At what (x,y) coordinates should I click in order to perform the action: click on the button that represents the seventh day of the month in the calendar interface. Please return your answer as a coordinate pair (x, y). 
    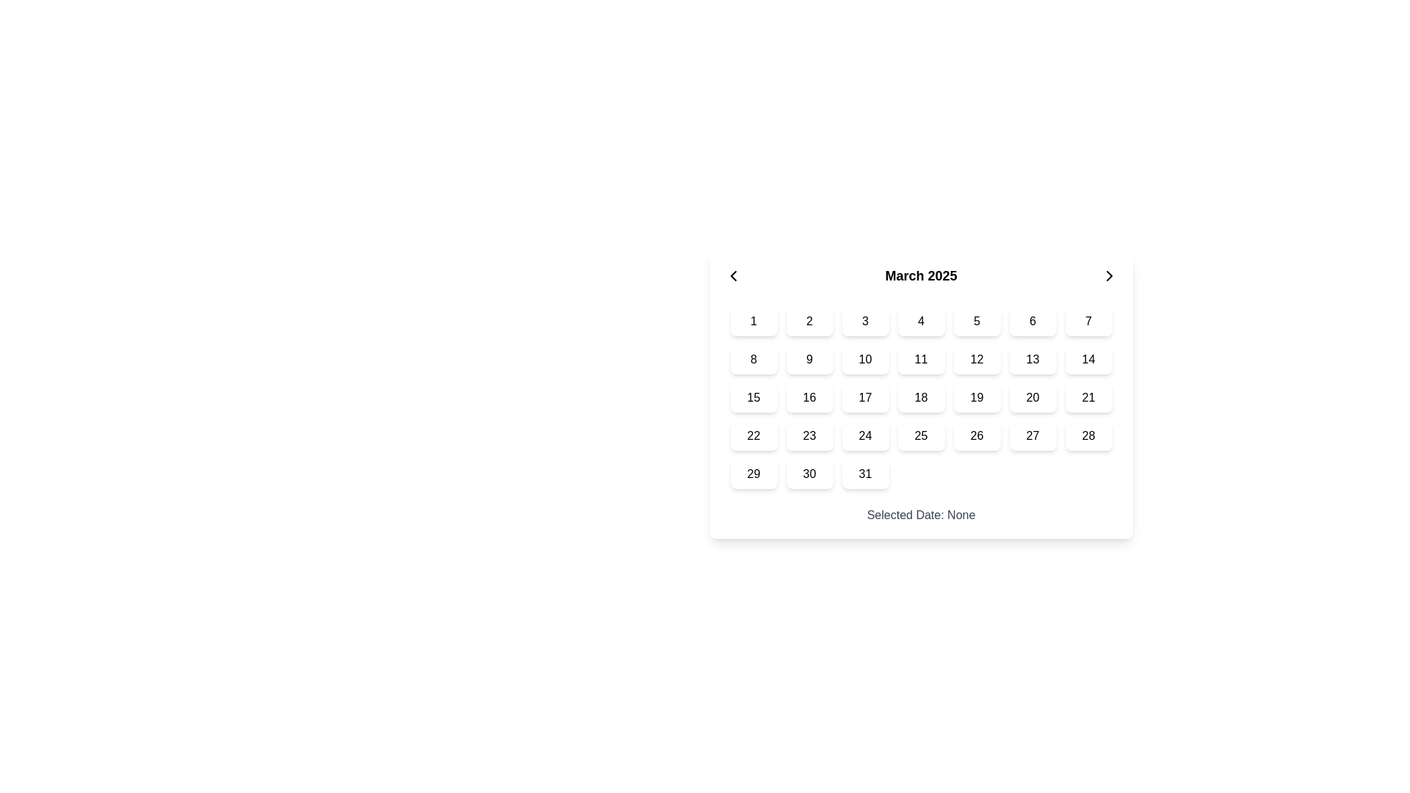
    Looking at the image, I should click on (1088, 321).